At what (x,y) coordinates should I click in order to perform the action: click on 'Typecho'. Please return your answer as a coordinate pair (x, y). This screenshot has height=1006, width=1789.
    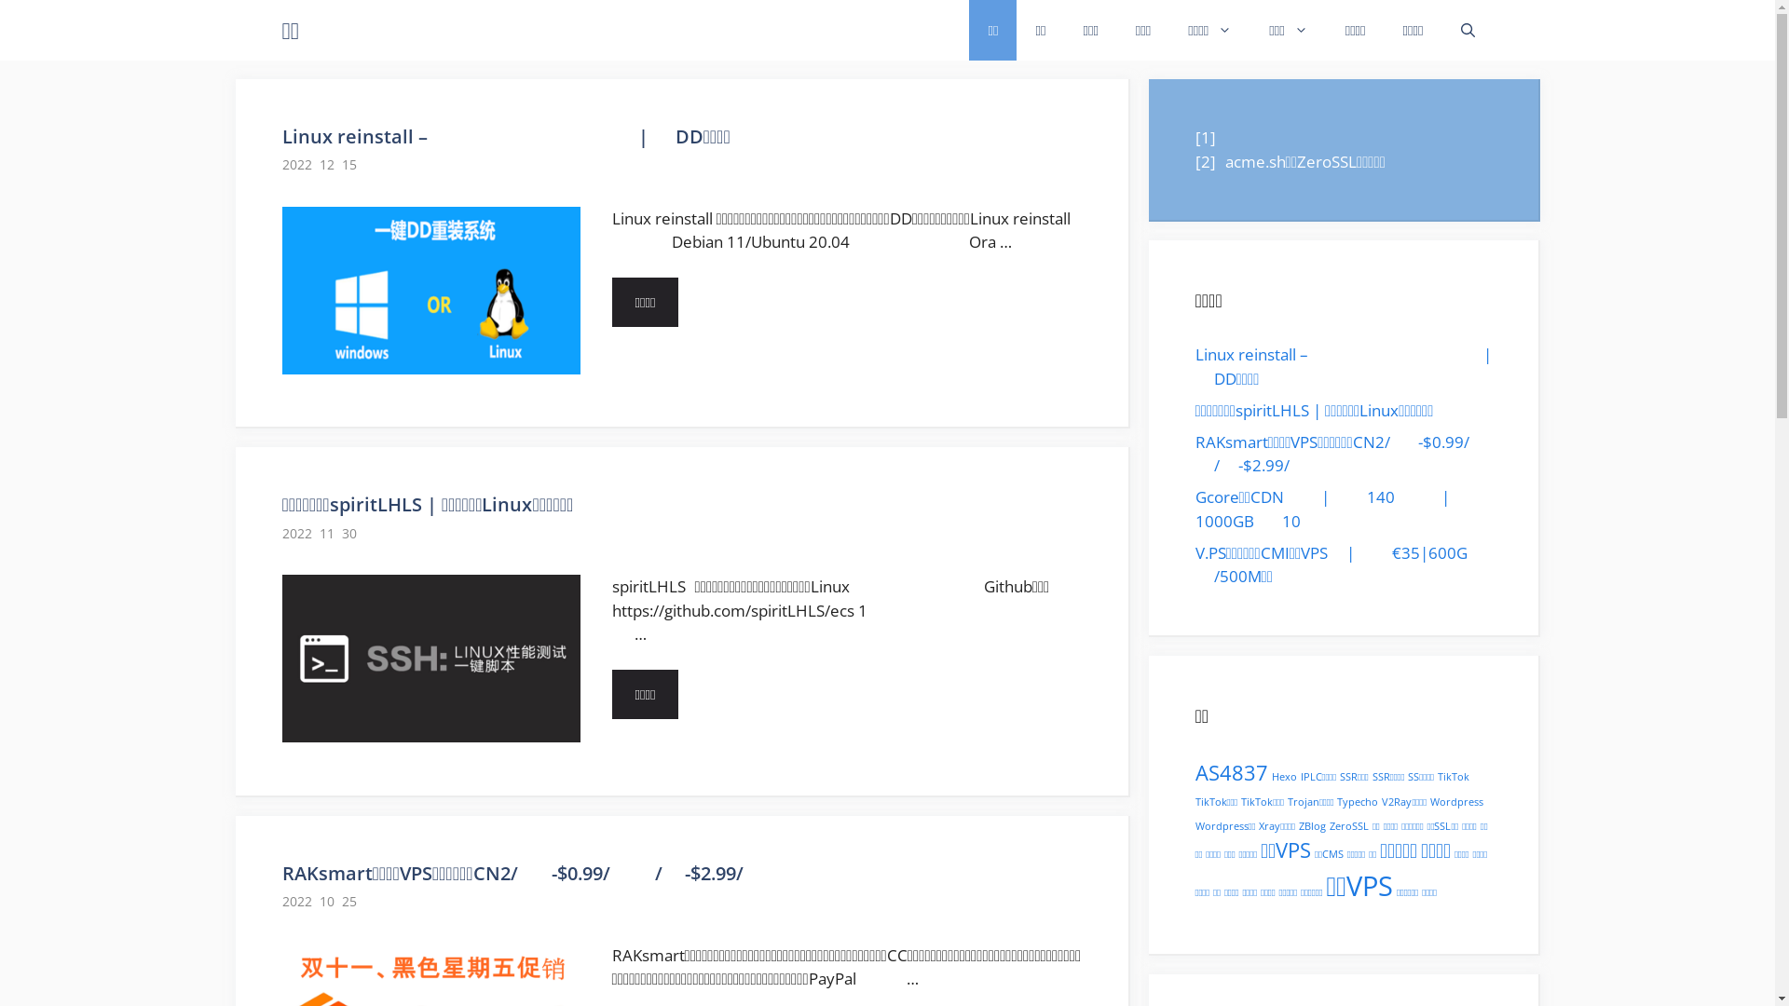
    Looking at the image, I should click on (1336, 800).